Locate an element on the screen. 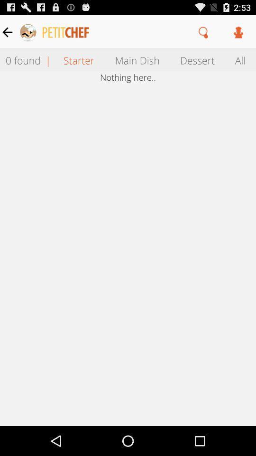 This screenshot has height=456, width=256. starter is located at coordinates (78, 59).